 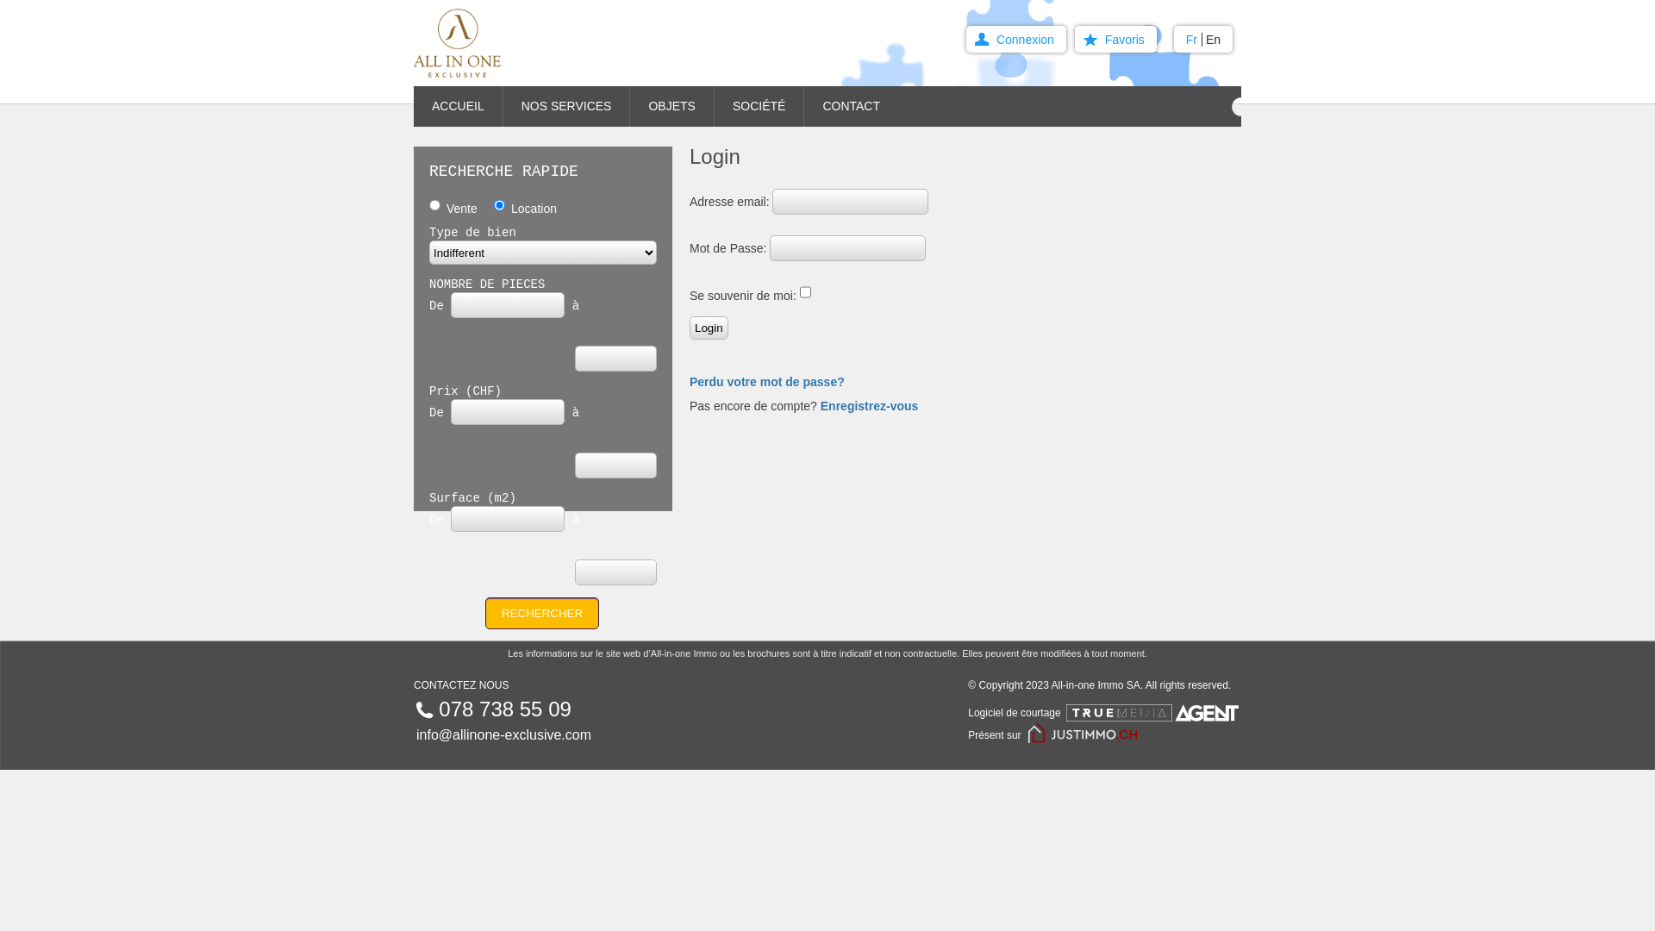 I want to click on 'Identifiant', so click(x=850, y=201).